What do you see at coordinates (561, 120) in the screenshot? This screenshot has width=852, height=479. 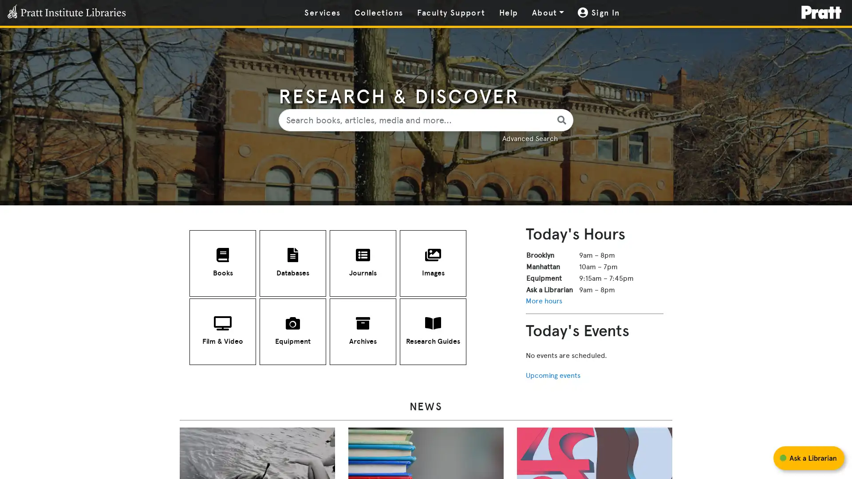 I see `library search` at bounding box center [561, 120].